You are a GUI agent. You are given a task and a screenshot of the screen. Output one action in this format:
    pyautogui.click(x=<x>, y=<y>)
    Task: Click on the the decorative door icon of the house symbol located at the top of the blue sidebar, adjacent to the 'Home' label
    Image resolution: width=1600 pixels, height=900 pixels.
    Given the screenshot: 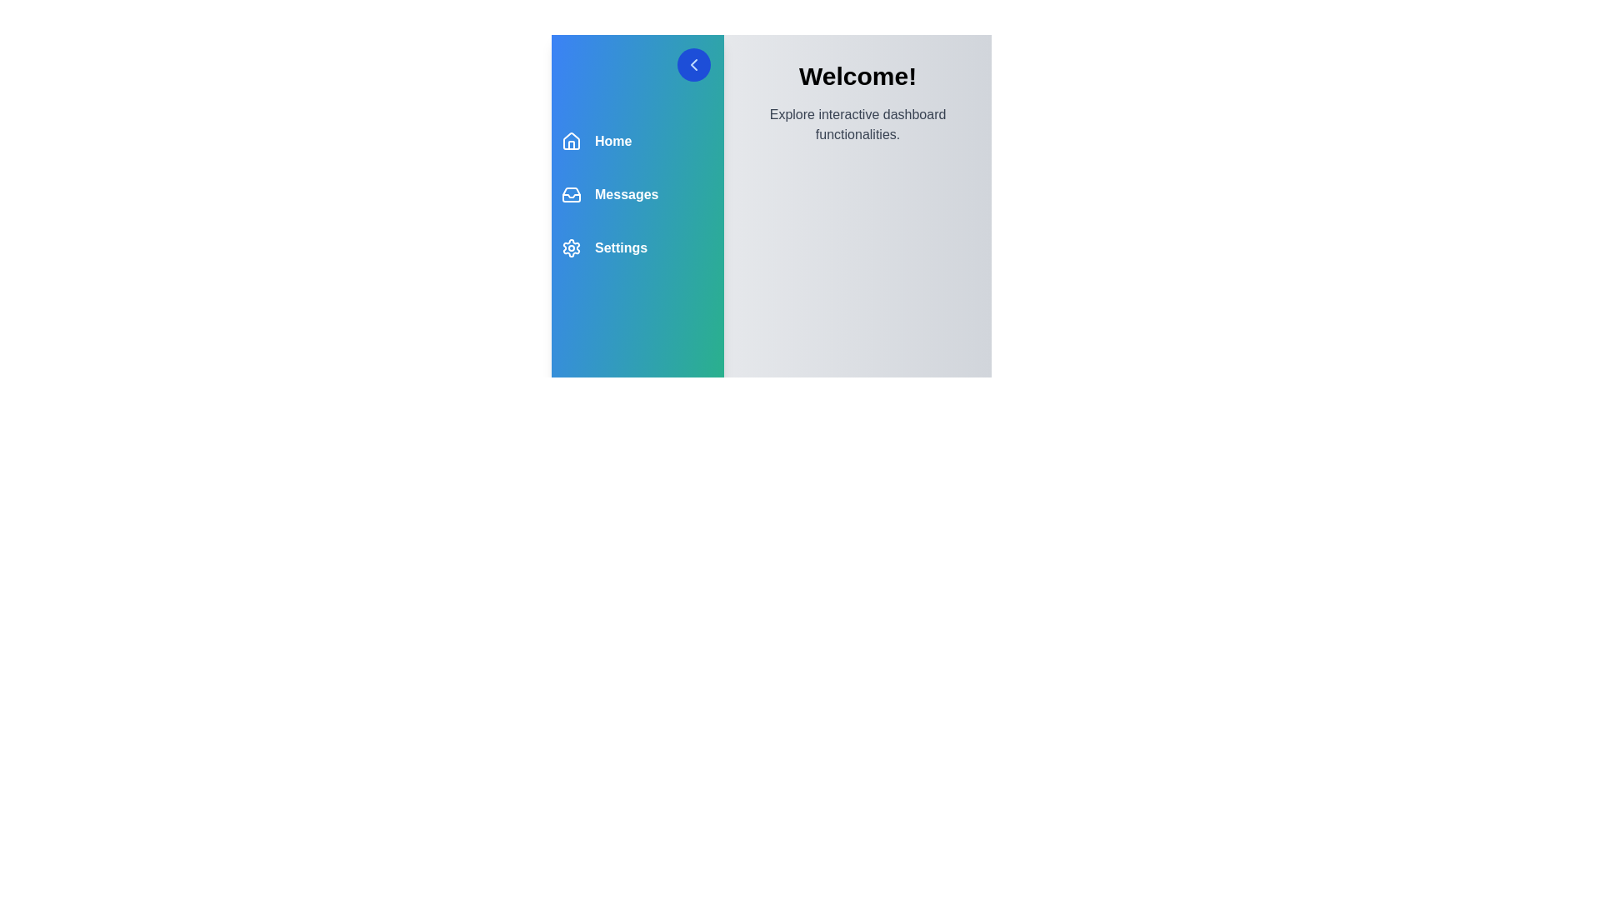 What is the action you would take?
    pyautogui.click(x=572, y=143)
    